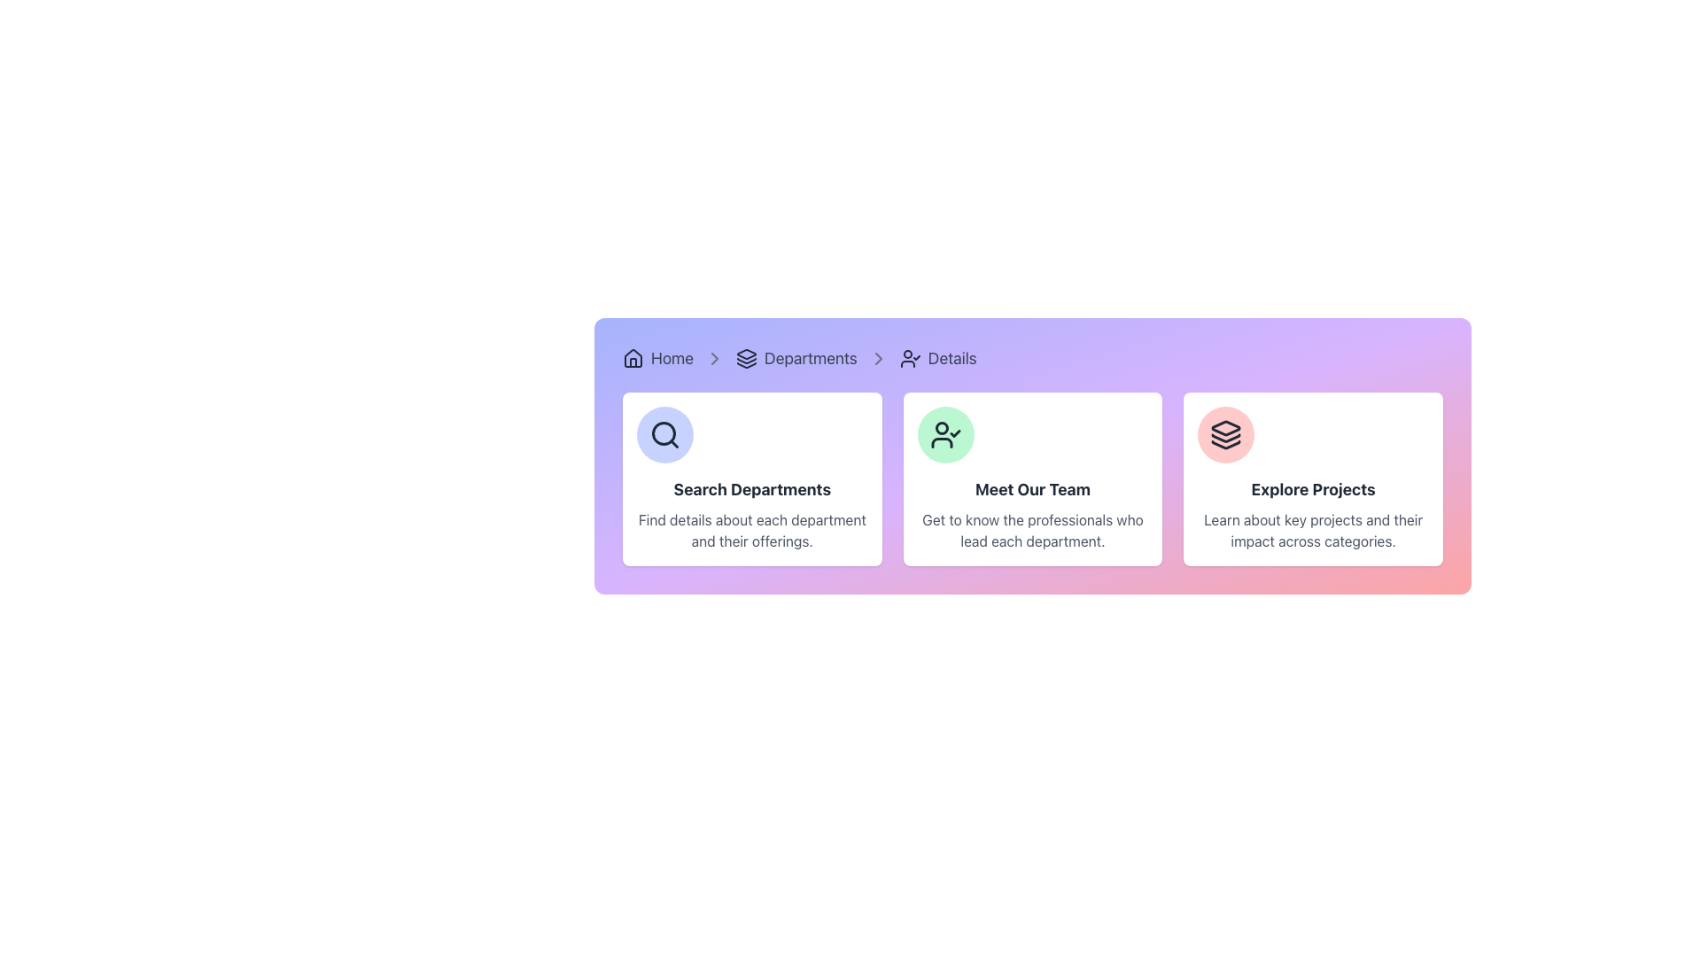  Describe the element at coordinates (1313, 478) in the screenshot. I see `the informational card located in the grid layout's third column from the left, positioned to the right of the 'Meet Our Team' panel` at that location.